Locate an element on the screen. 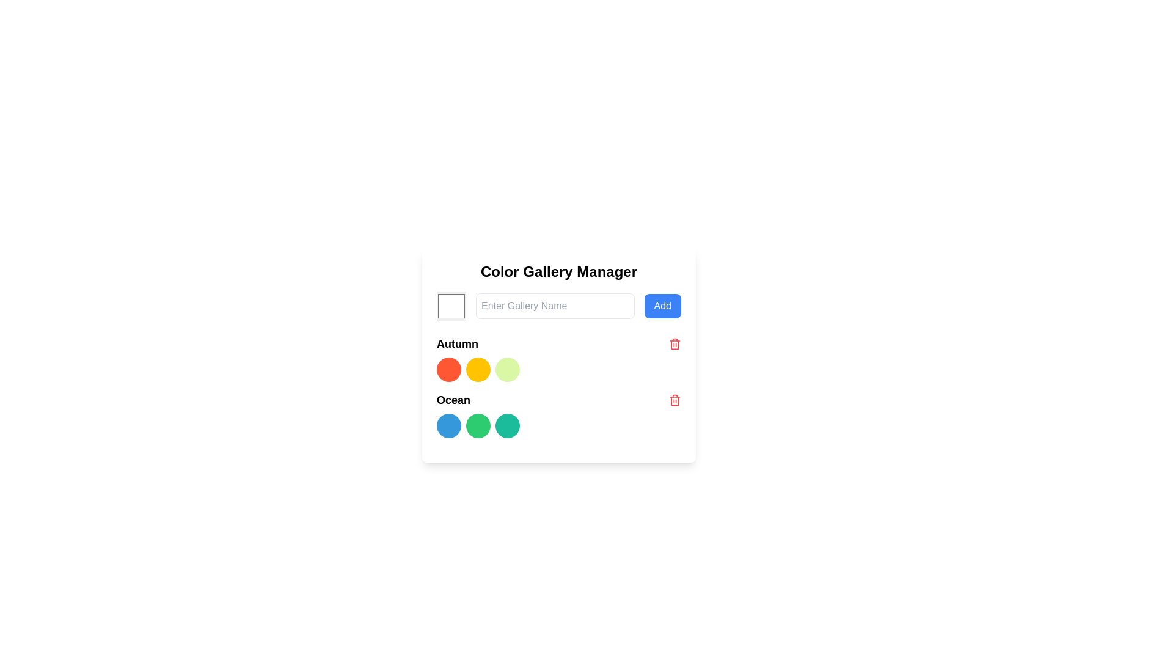 This screenshot has width=1173, height=660. the text label located at the top-left of a group of elements, next to circular colored indicators and a trash icon is located at coordinates (456, 344).